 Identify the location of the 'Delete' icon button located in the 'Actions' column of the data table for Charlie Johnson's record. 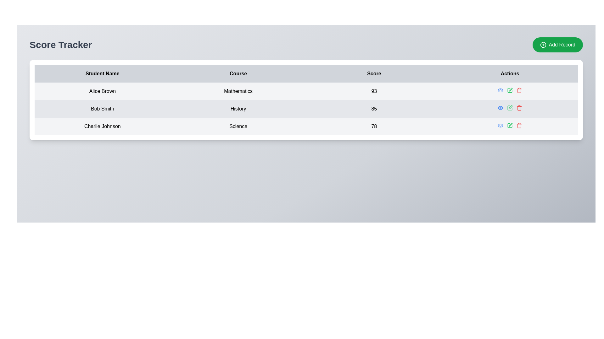
(519, 107).